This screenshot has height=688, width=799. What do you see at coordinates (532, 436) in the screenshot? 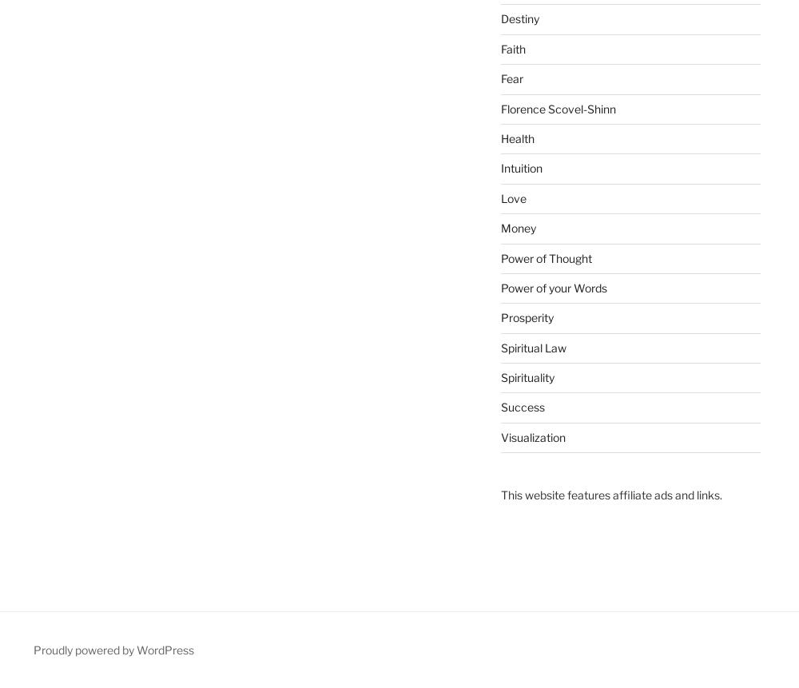
I see `'Visualization'` at bounding box center [532, 436].